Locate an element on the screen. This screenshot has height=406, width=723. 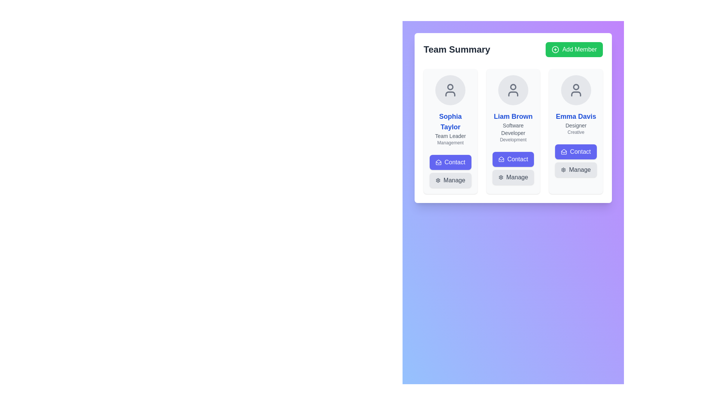
the decorative circular icon located to the left of the 'Add Member' button in the top-right corner of the 'Team Summary' section is located at coordinates (555, 49).